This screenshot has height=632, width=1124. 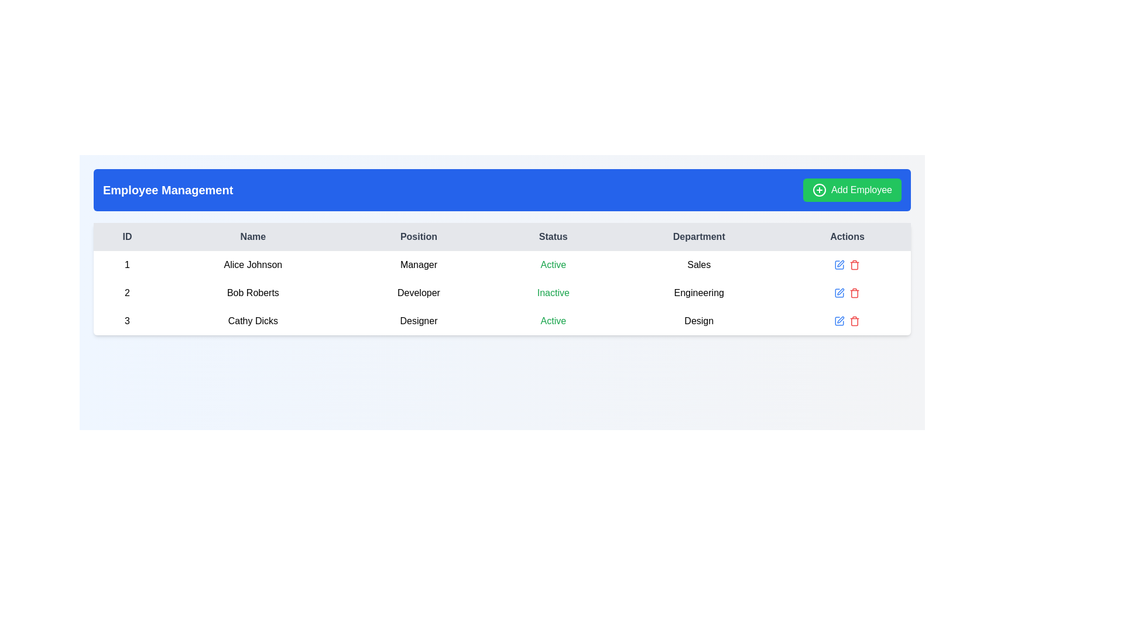 I want to click on the trash can icon representing the delete action for 'Bob Roberts' in the Actions column of the second row, so click(x=855, y=293).